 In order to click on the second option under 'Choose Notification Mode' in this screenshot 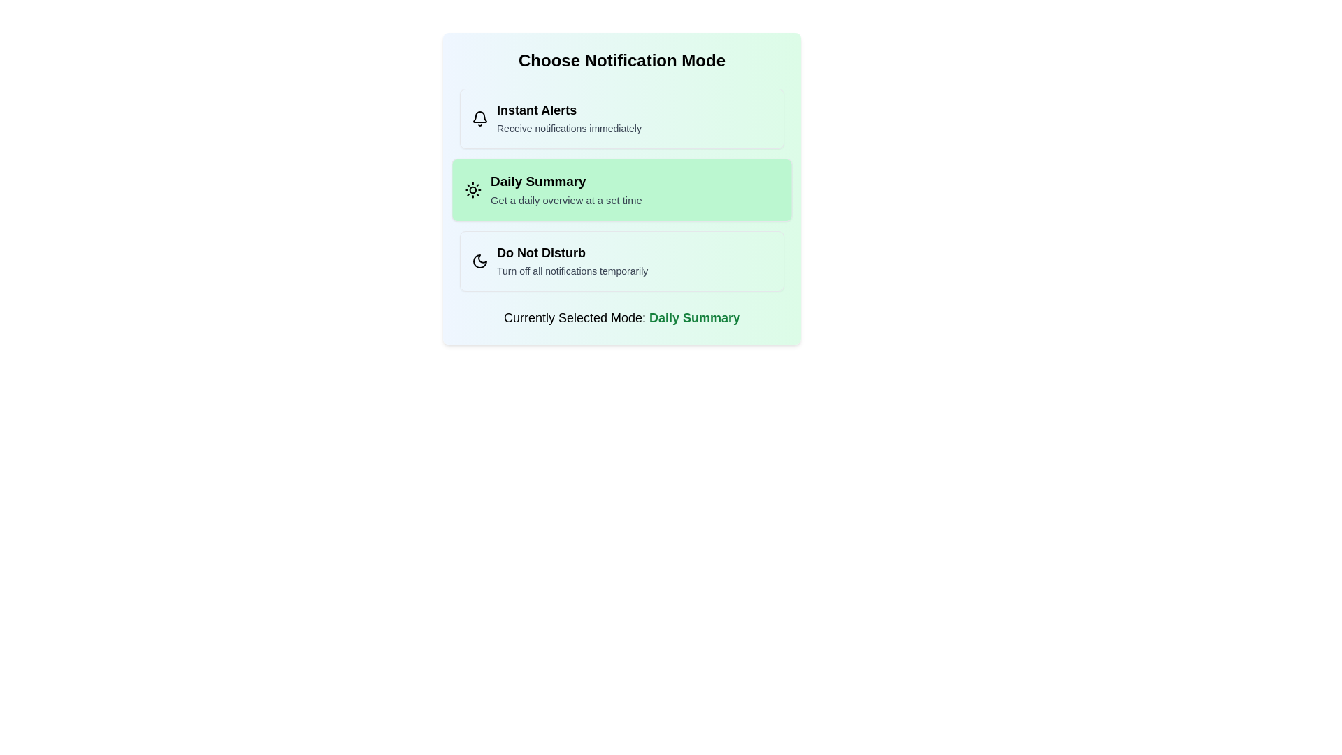, I will do `click(621, 190)`.